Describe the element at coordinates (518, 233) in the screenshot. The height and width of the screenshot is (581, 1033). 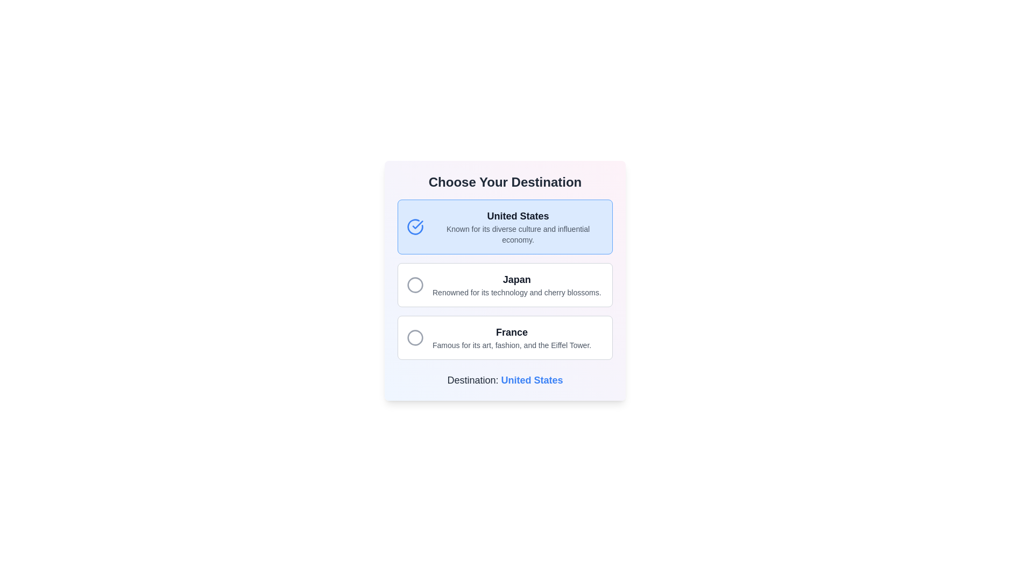
I see `the text display that reads 'Known for its diverse culture and influential economy.' which is positioned beneath 'United States'` at that location.